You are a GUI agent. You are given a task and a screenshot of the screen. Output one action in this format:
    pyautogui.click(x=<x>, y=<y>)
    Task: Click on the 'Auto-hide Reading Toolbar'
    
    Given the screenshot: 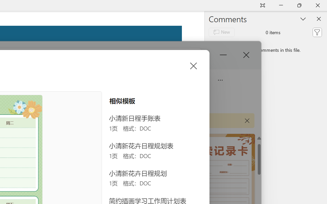 What is the action you would take?
    pyautogui.click(x=262, y=5)
    